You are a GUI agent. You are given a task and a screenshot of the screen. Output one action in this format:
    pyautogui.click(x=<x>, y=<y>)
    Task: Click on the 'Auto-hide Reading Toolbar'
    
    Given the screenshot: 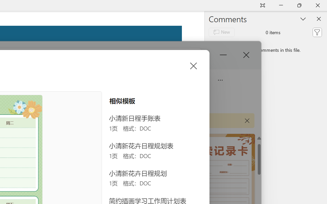 What is the action you would take?
    pyautogui.click(x=262, y=5)
    